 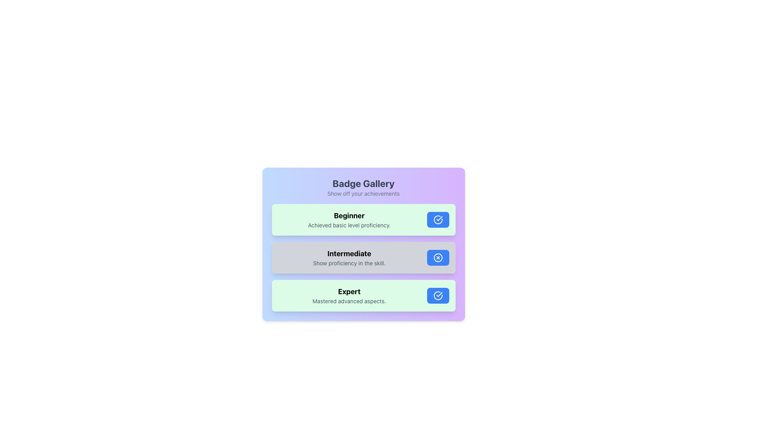 I want to click on the blue rounded rectangular button with a white circular checkmark icon inside, located on the far right of the 'Beginner' section in the 'Badge Gallery' interface, to interact with it, so click(x=437, y=219).